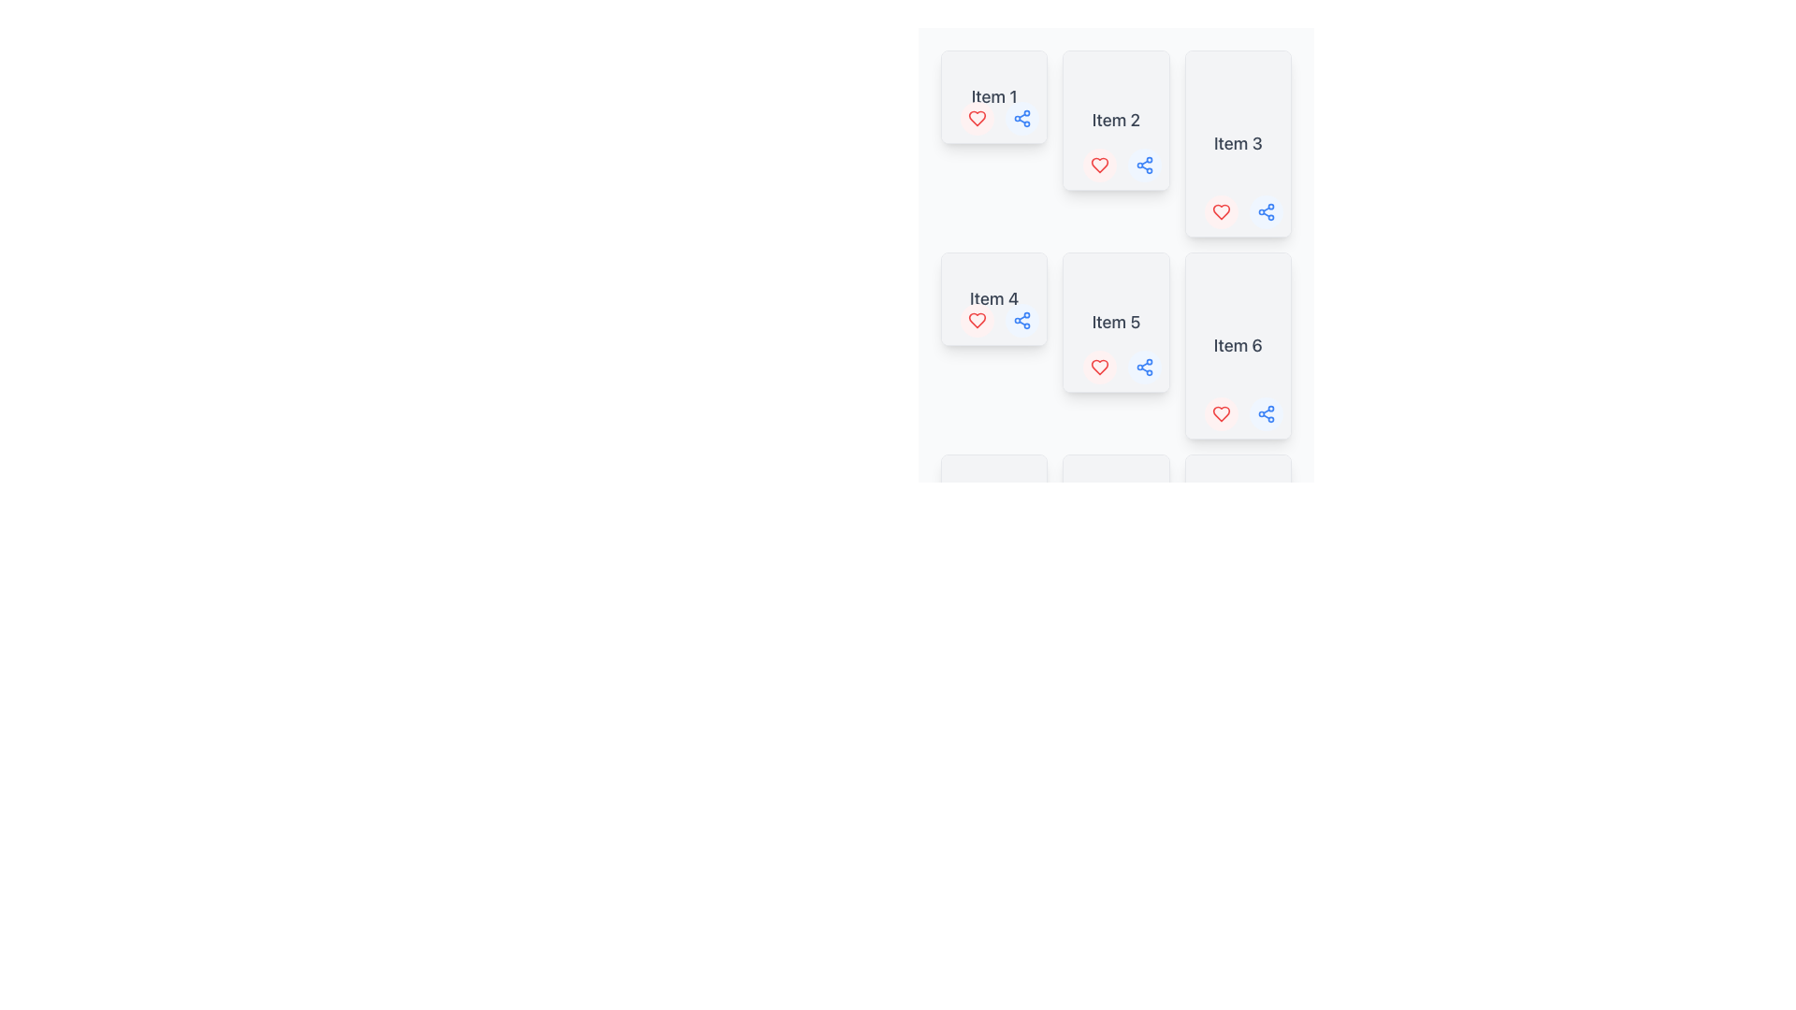 The height and width of the screenshot is (1010, 1796). I want to click on the leftmost circular button with a red outlined heart icon in the bottom-right corner of the 'Item 1' card to indicate a like or favorite, so click(977, 119).